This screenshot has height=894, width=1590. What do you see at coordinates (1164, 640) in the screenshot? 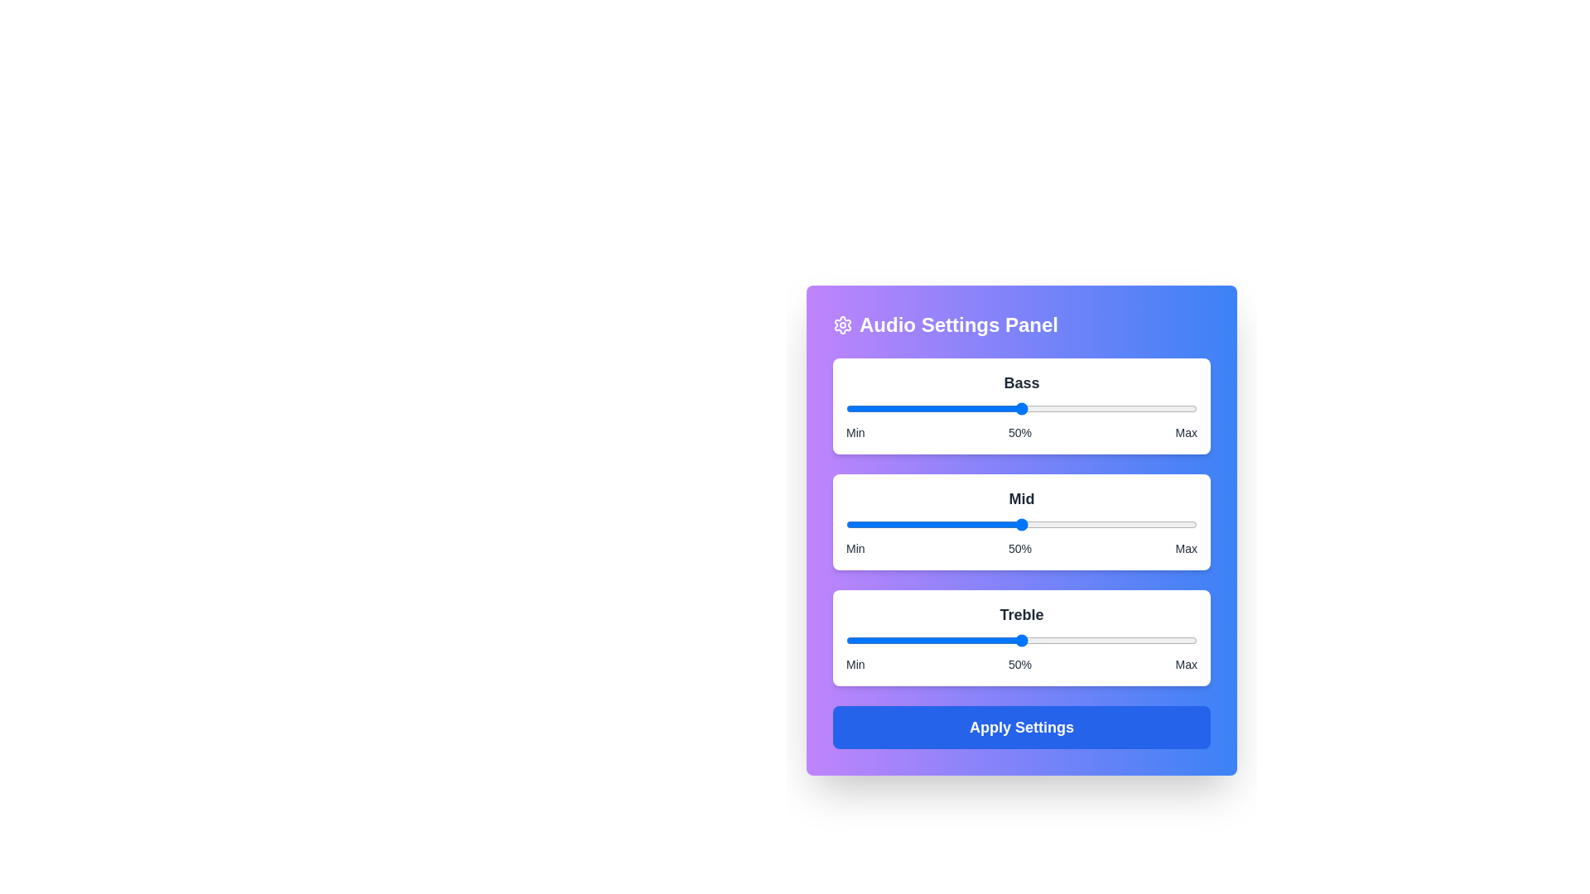
I see `the treble level` at bounding box center [1164, 640].